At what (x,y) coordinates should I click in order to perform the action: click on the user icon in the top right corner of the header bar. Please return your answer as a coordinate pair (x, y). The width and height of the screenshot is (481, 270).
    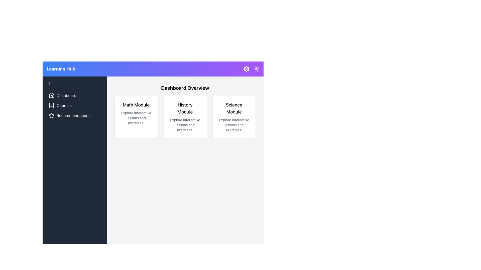
    Looking at the image, I should click on (251, 69).